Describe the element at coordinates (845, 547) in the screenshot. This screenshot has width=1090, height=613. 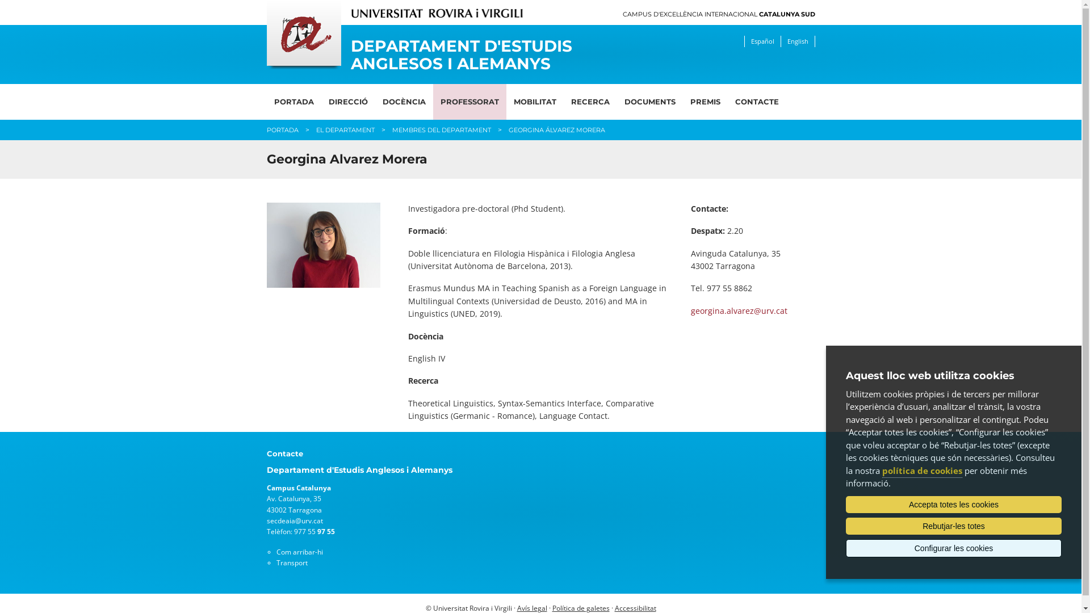
I see `'Configurar les cookies'` at that location.